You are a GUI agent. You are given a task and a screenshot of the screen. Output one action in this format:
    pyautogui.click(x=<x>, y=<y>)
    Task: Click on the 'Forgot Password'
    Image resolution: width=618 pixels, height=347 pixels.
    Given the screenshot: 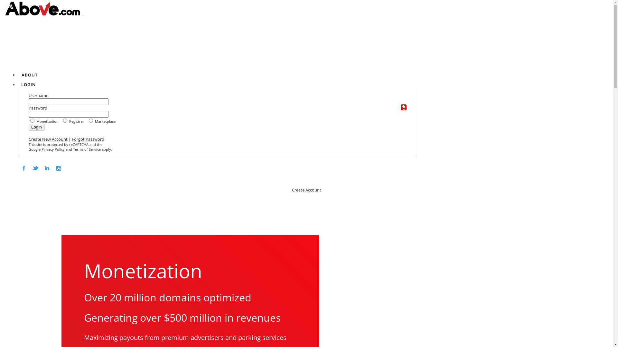 What is the action you would take?
    pyautogui.click(x=88, y=138)
    